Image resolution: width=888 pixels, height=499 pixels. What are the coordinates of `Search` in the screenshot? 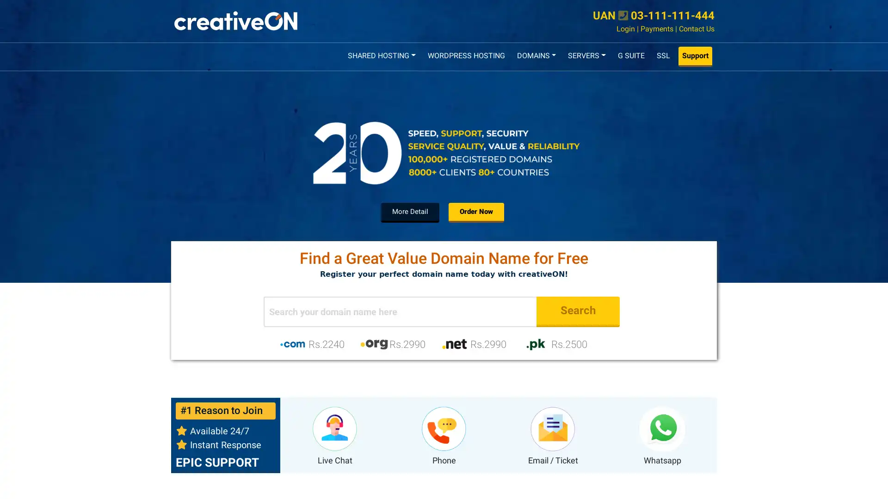 It's located at (577, 311).